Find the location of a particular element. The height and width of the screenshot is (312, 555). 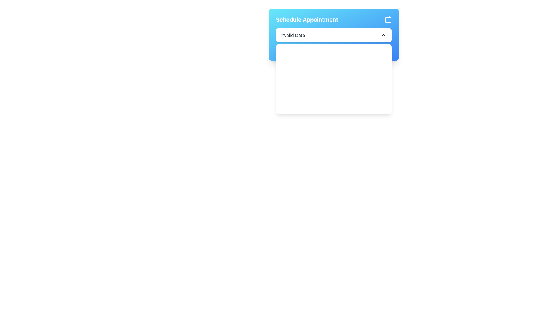

the structural icon component of the calendar icon, which is positioned on the right side of the blue header bar labeled 'Schedule Appointment' is located at coordinates (388, 20).